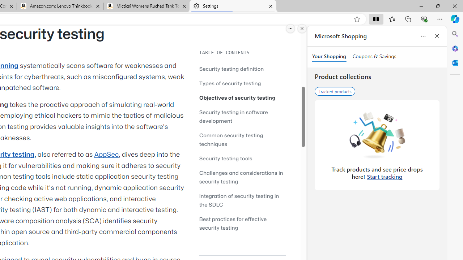 This screenshot has width=463, height=260. Describe the element at coordinates (242, 139) in the screenshot. I see `'Common security testing techniques'` at that location.